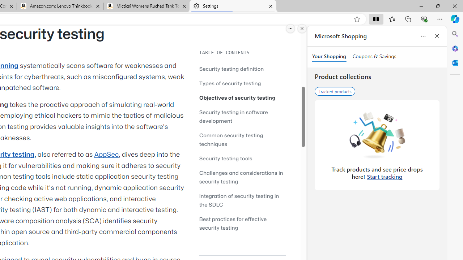 This screenshot has width=463, height=260. Describe the element at coordinates (242, 139) in the screenshot. I see `'Common security testing techniques'` at that location.